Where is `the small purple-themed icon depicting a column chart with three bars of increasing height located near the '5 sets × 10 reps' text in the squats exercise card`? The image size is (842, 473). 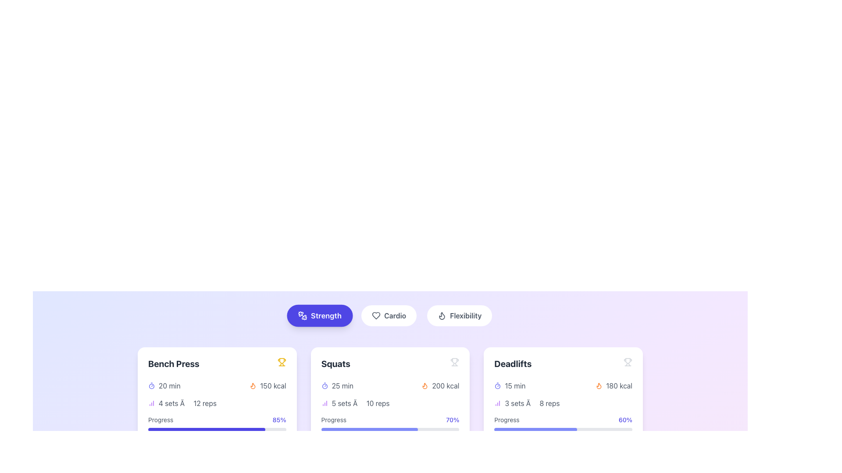
the small purple-themed icon depicting a column chart with three bars of increasing height located near the '5 sets × 10 reps' text in the squats exercise card is located at coordinates (324, 403).